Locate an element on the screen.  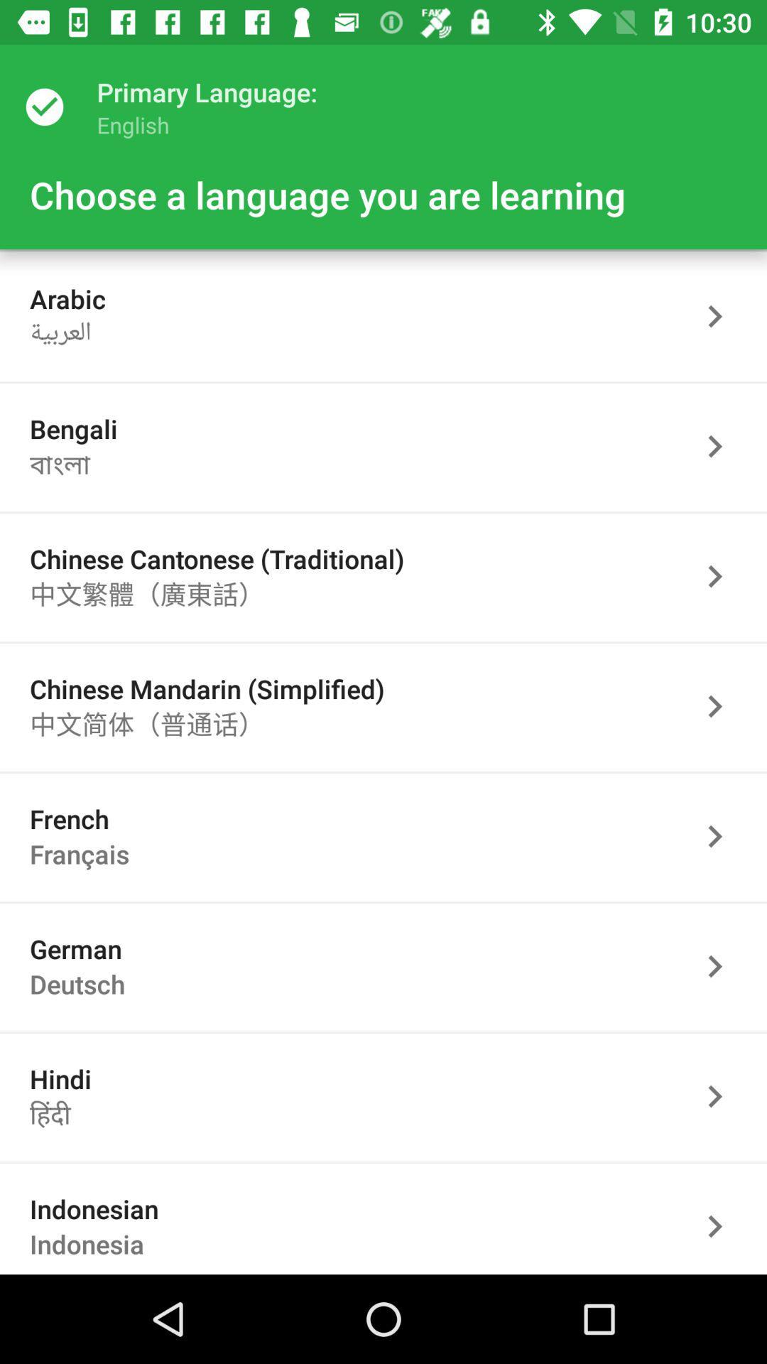
go forward button is located at coordinates (722, 445).